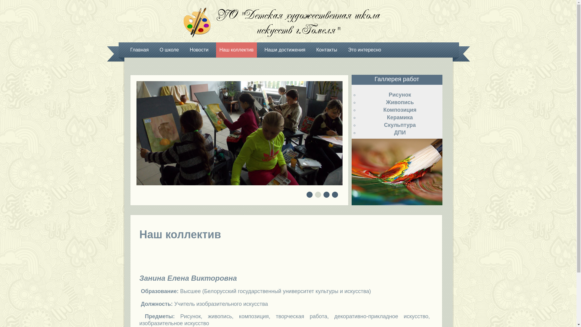  Describe the element at coordinates (327, 195) in the screenshot. I see `'3'` at that location.